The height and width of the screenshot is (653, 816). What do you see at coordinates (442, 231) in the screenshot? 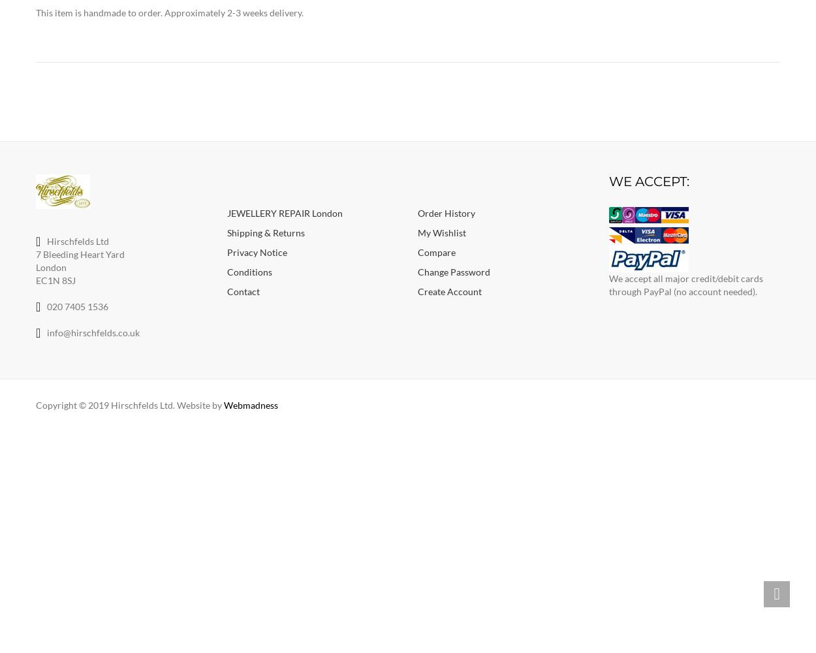
I see `'My Wishlist'` at bounding box center [442, 231].